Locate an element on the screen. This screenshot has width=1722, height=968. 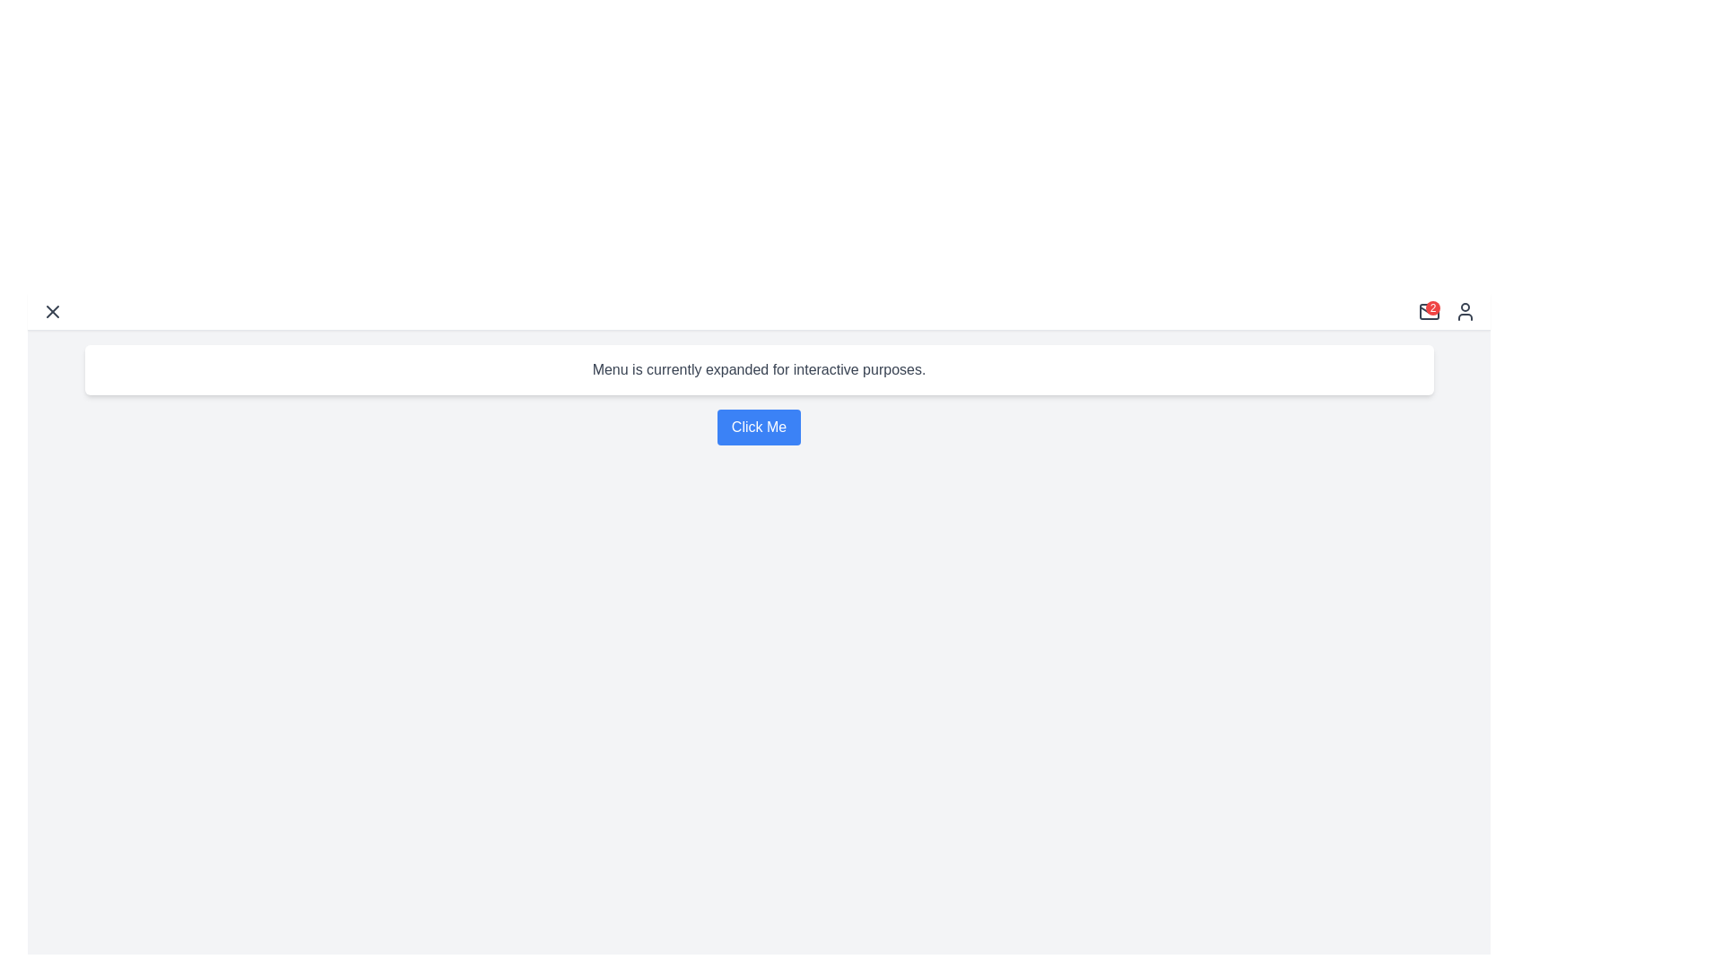
the Notification Badge, which is a small red circular badge with the number '2' centered on it, located at the top-right corner of an envelop icon is located at coordinates (1447, 310).